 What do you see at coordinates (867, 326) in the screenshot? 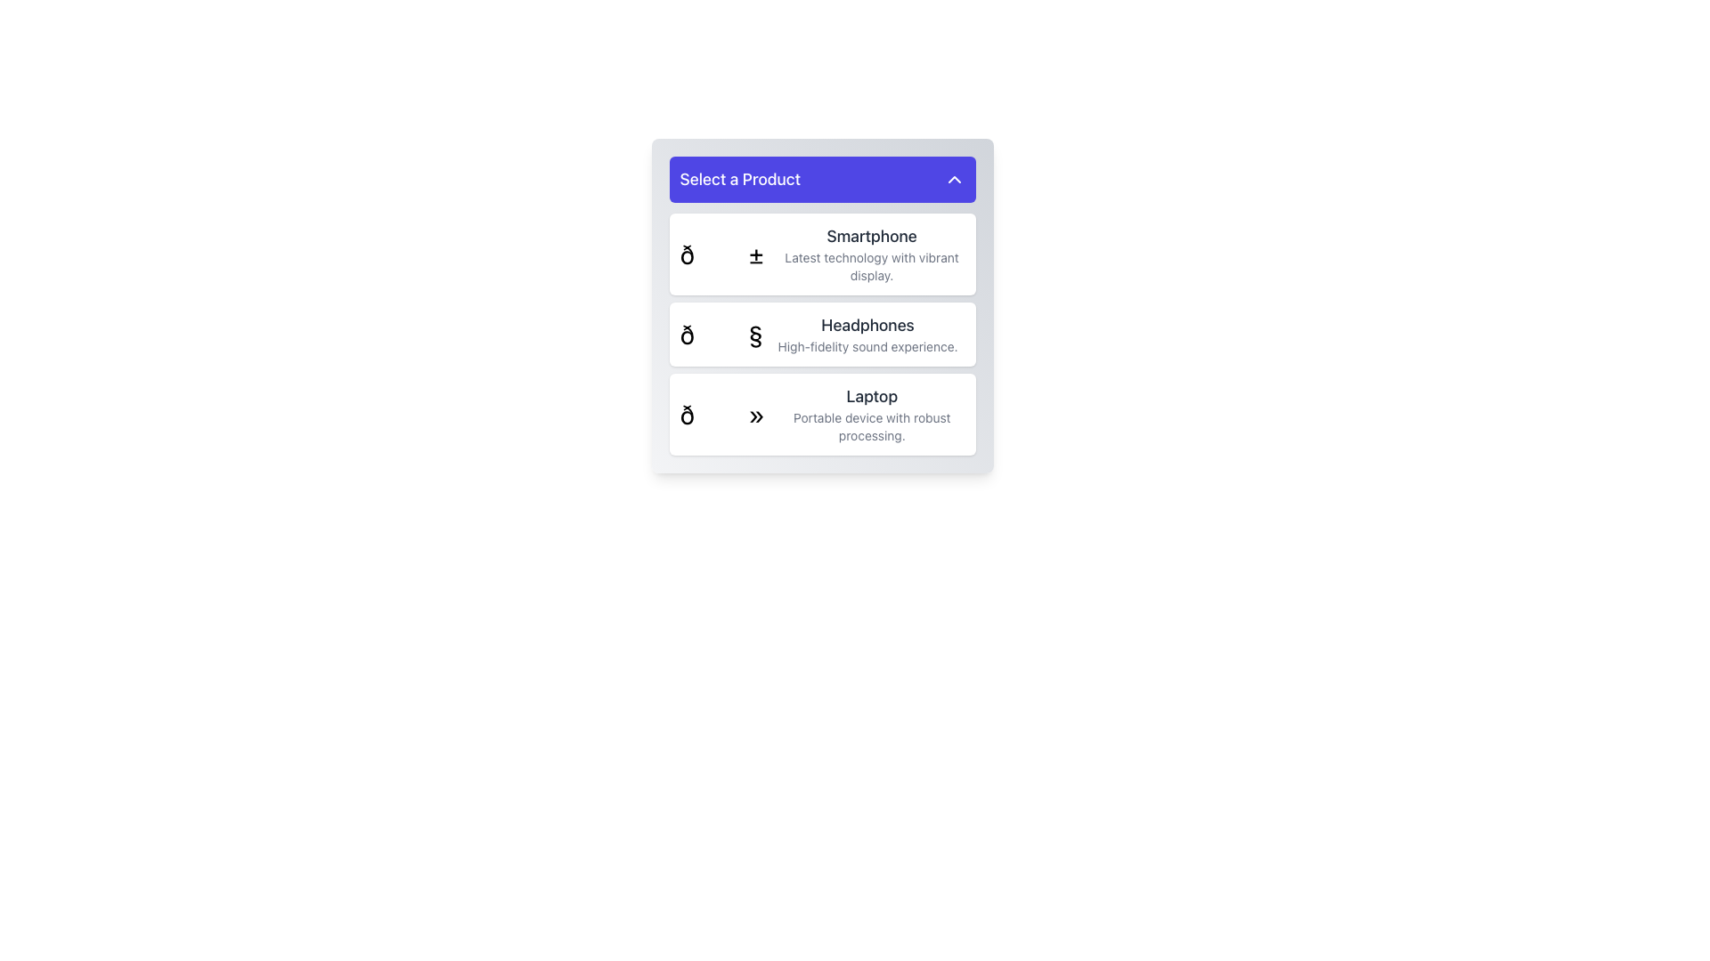
I see `the 'Headphones' text label, which is displayed in bold and dark gray above the description 'High-fidelity sound experience.'` at bounding box center [867, 326].